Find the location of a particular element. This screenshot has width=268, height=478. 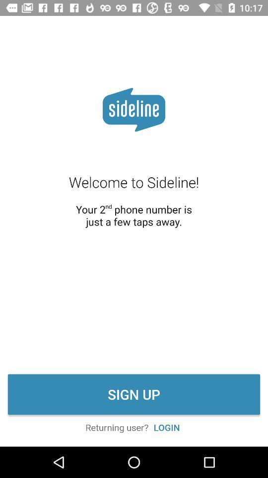

the login item is located at coordinates (167, 427).